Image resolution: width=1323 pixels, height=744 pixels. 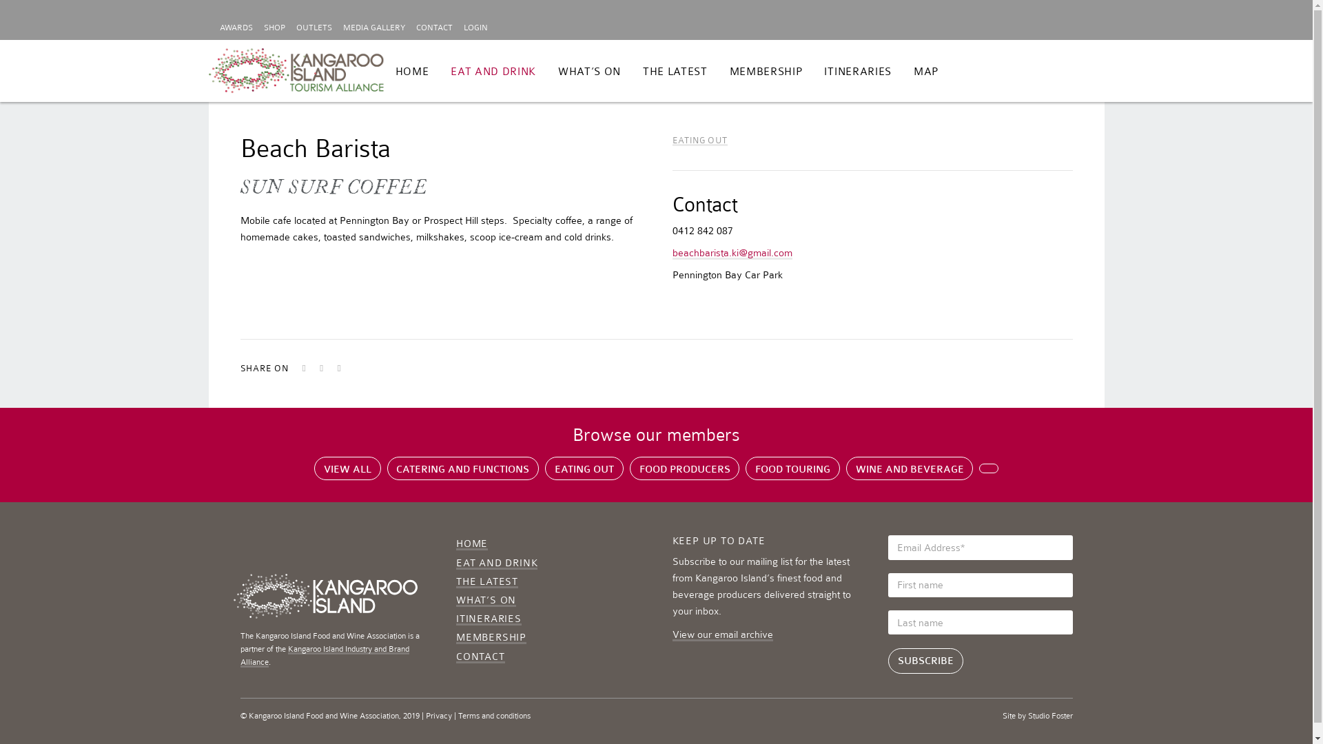 What do you see at coordinates (857, 72) in the screenshot?
I see `'ITINERARIES'` at bounding box center [857, 72].